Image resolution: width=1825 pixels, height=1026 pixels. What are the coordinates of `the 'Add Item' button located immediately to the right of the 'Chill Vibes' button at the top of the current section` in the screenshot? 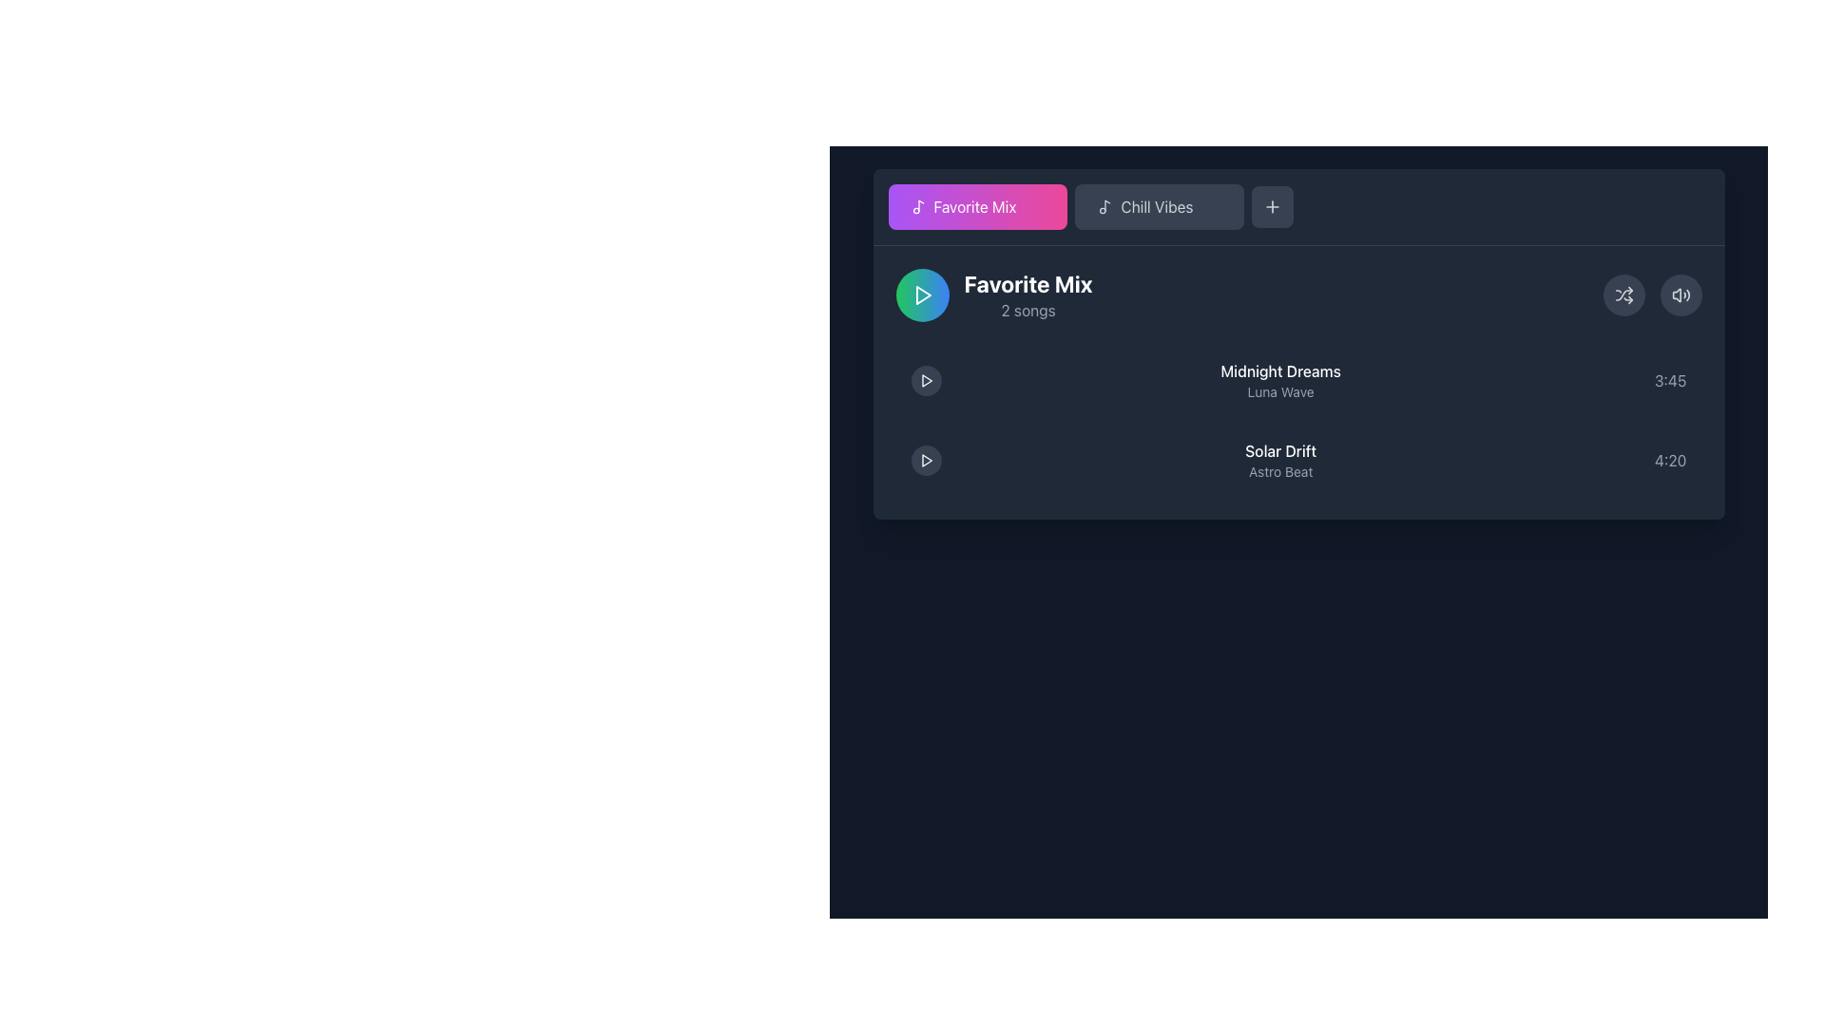 It's located at (1273, 207).